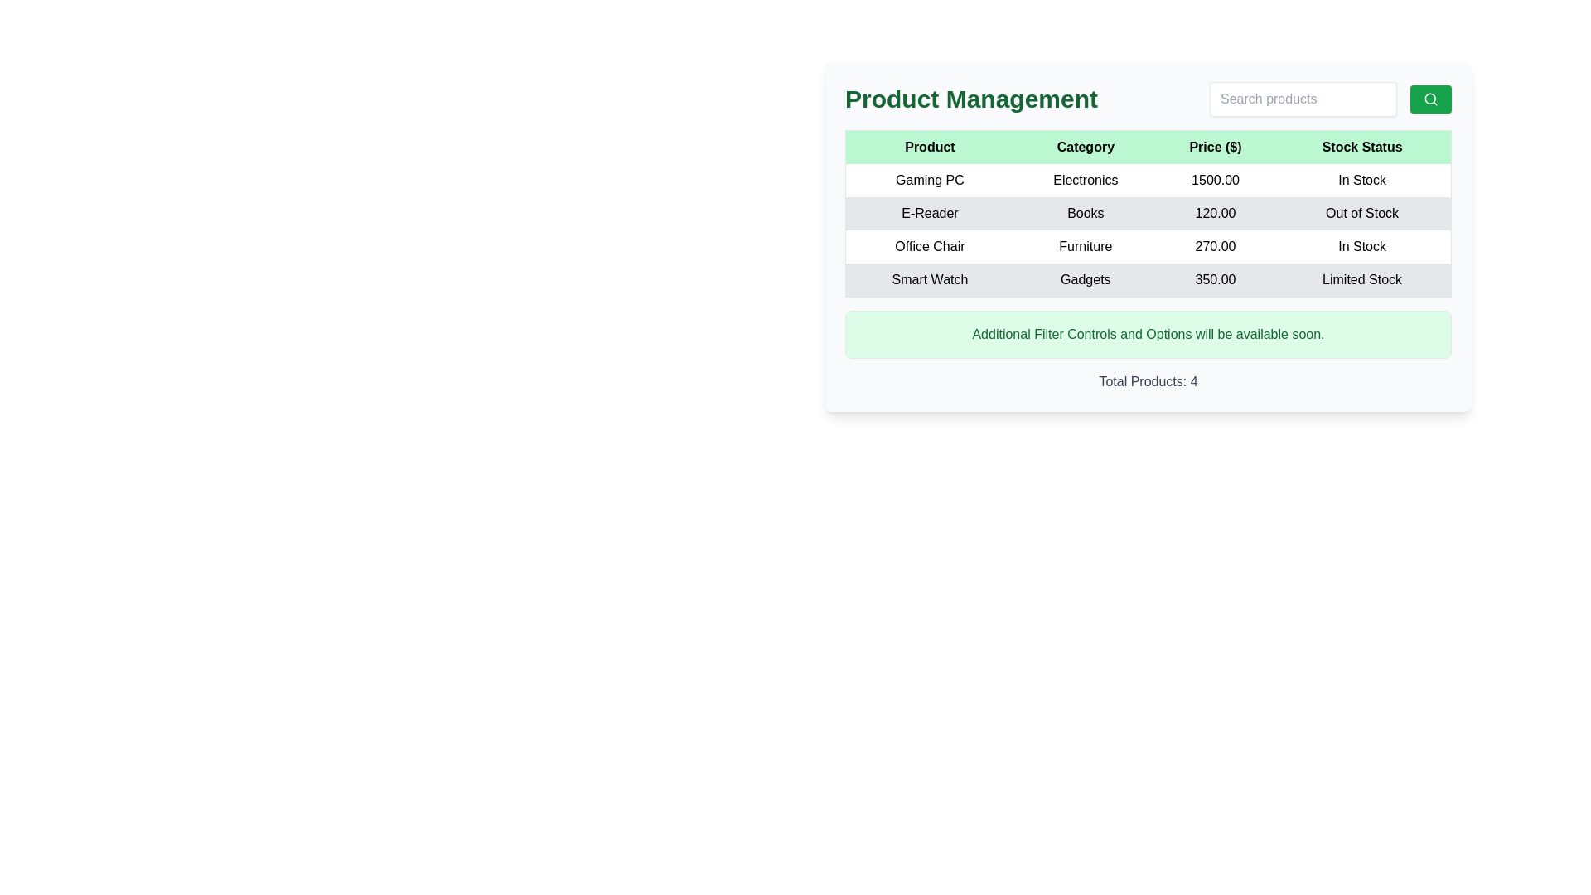  Describe the element at coordinates (930, 279) in the screenshot. I see `the static text label that identifies the product as 'Smart Watch' in the product table` at that location.